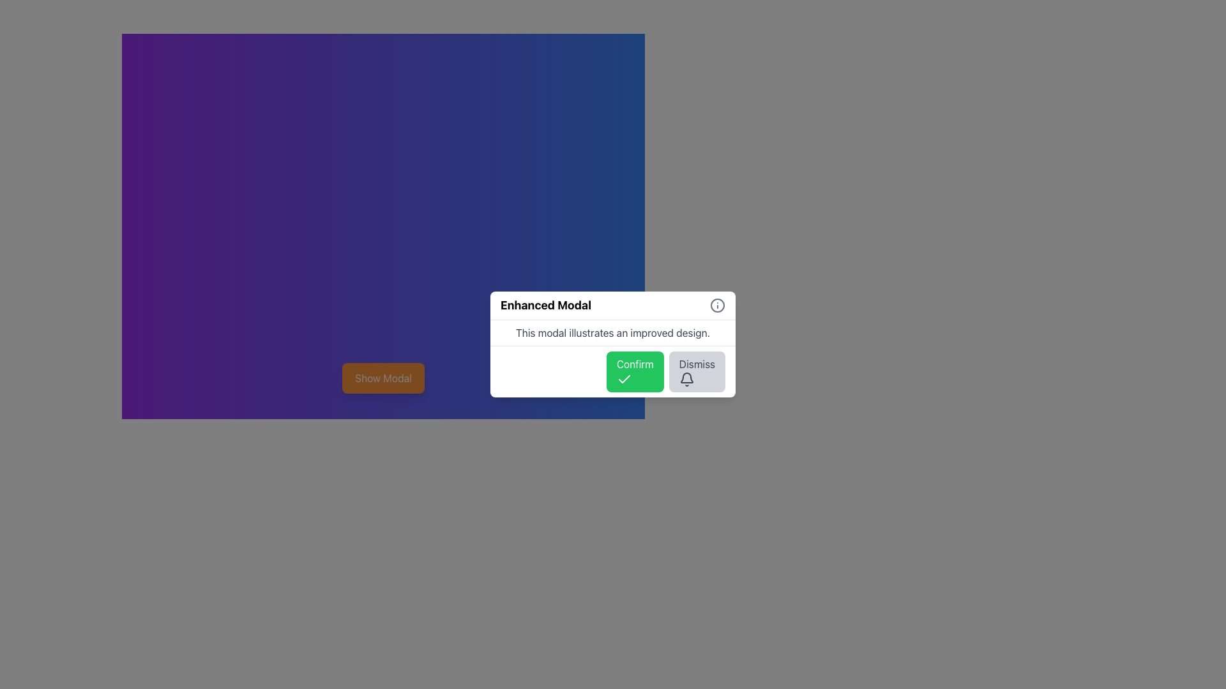  I want to click on the minimalistic checkmark icon located centrally within the green 'Confirm' button in the bottom-right section of the modal interface, so click(624, 378).